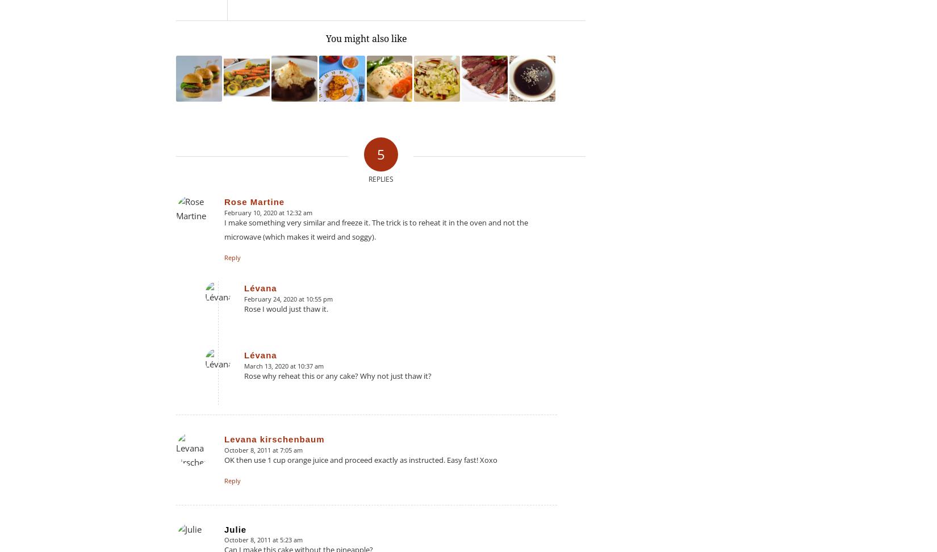 The width and height of the screenshot is (937, 552). Describe the element at coordinates (286, 309) in the screenshot. I see `'Rose I would just thaw it.'` at that location.